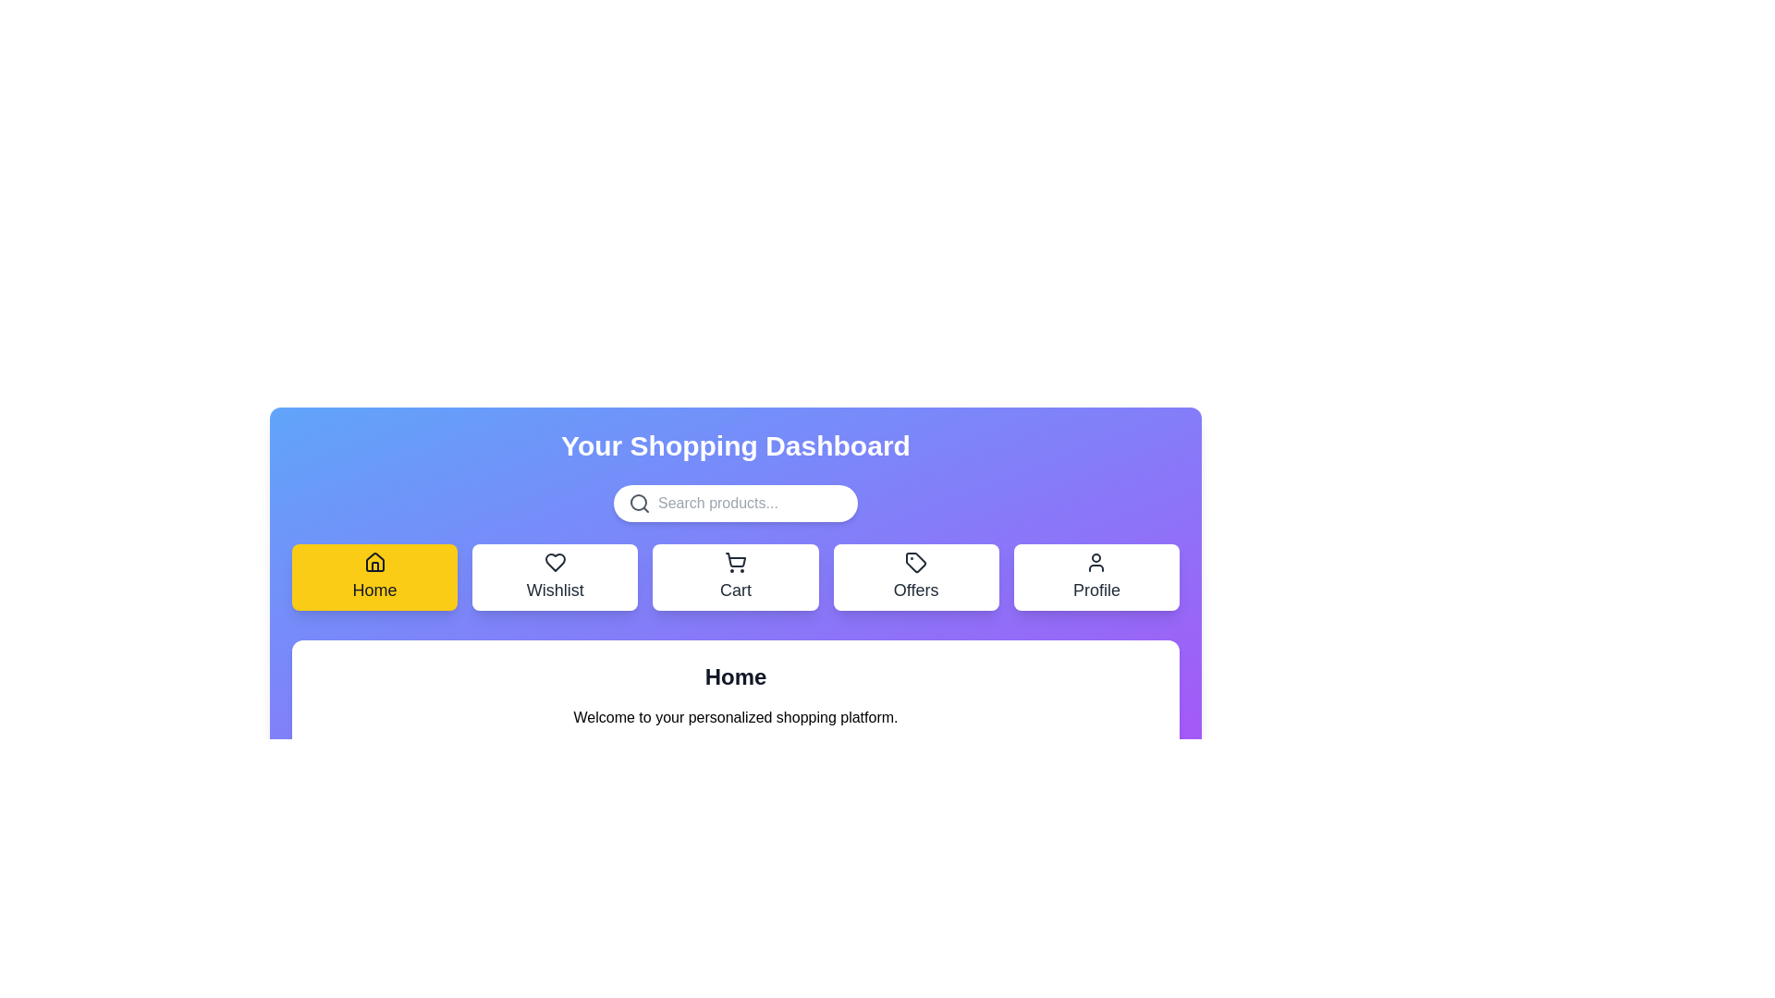  Describe the element at coordinates (916, 562) in the screenshot. I see `the tag icon located within the 'Offers' button in the navigation bar, which is outlined with a thin stroke and has a rounded shape` at that location.